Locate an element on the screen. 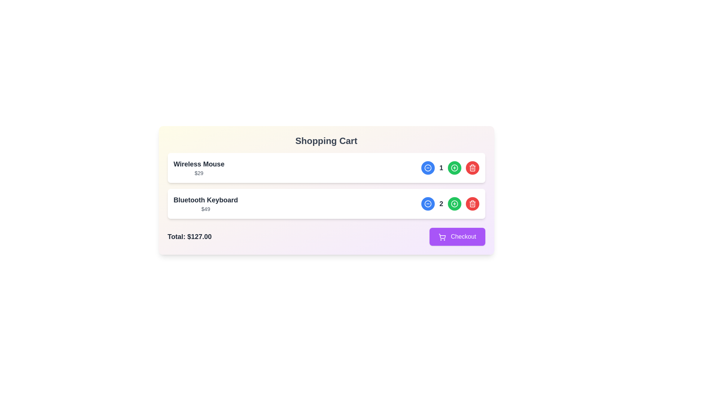 The width and height of the screenshot is (719, 404). the blue filled circle within the second row of the shopping cart list, which is part of an interactive control adjacent to the item quantity display is located at coordinates (428, 203).